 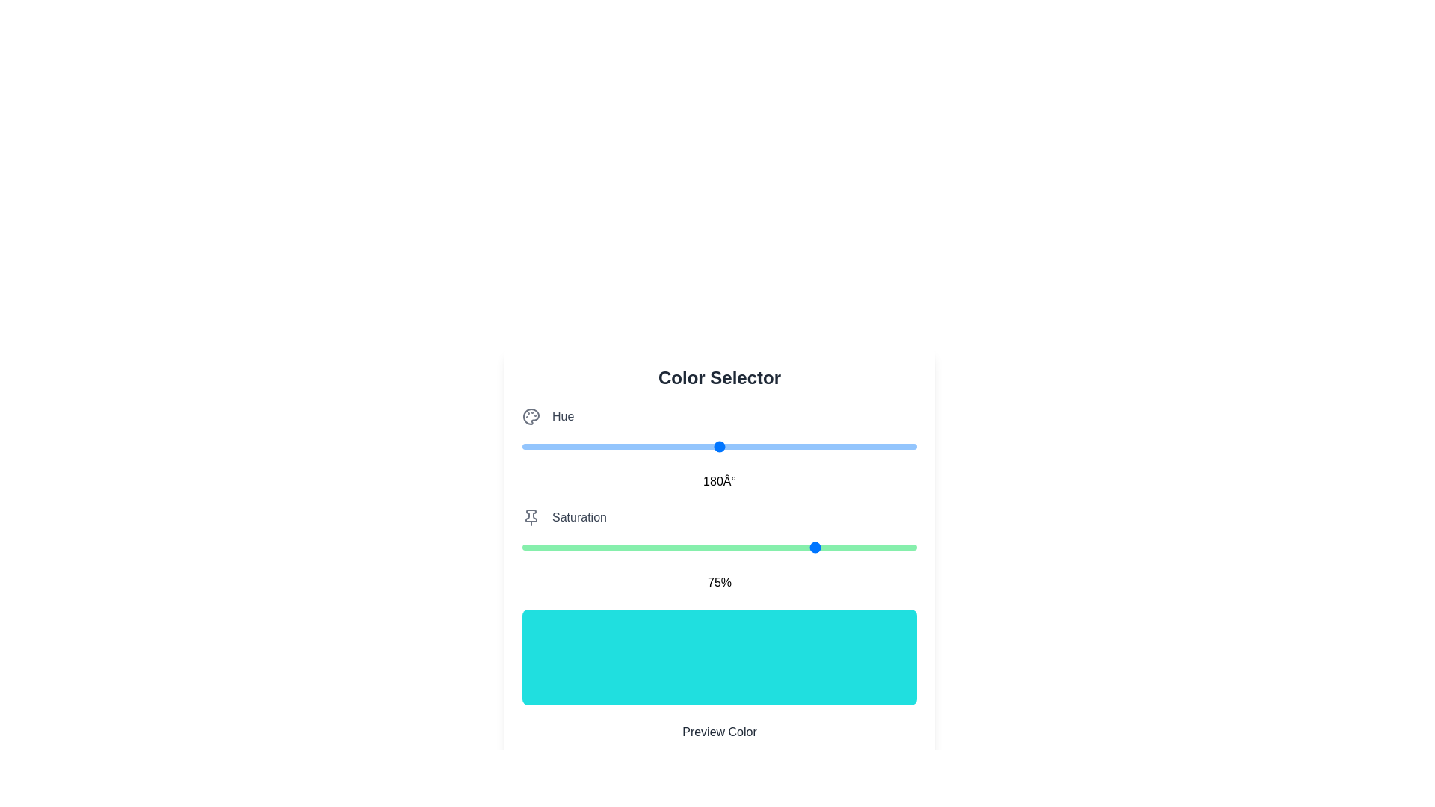 I want to click on the hue, so click(x=706, y=445).